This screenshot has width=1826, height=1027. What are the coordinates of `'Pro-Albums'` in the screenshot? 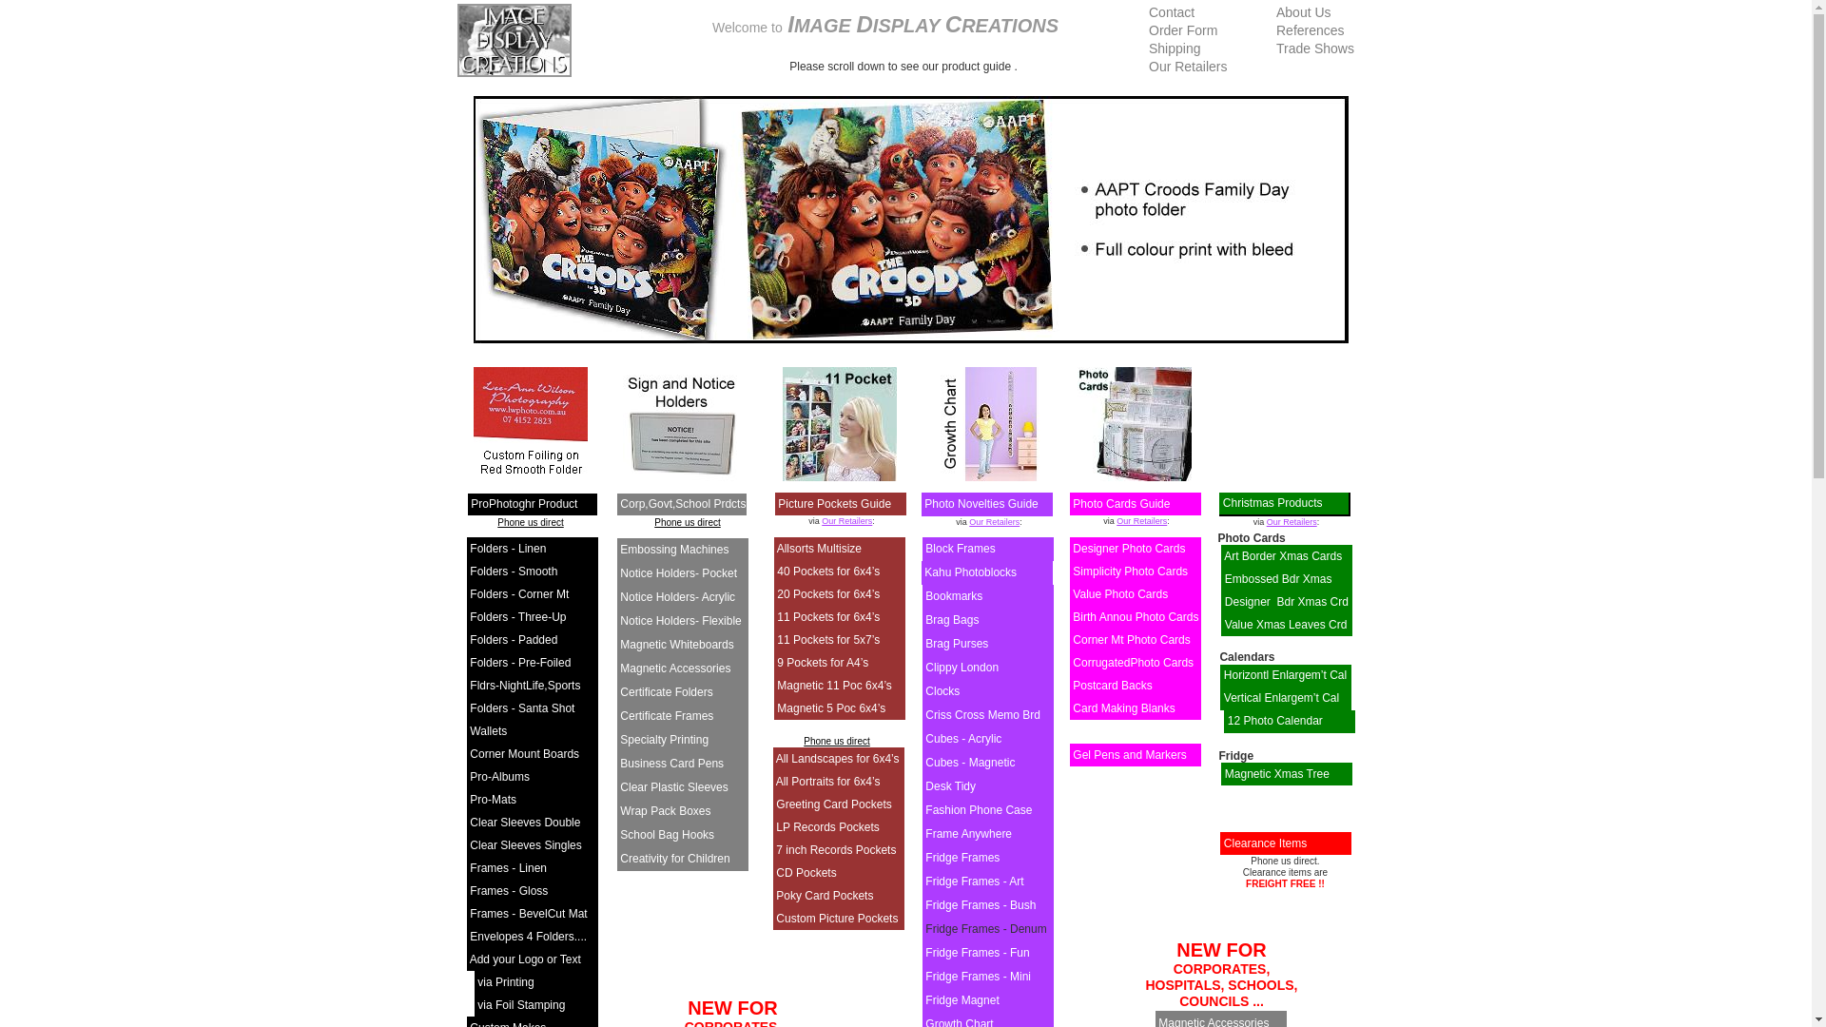 It's located at (499, 777).